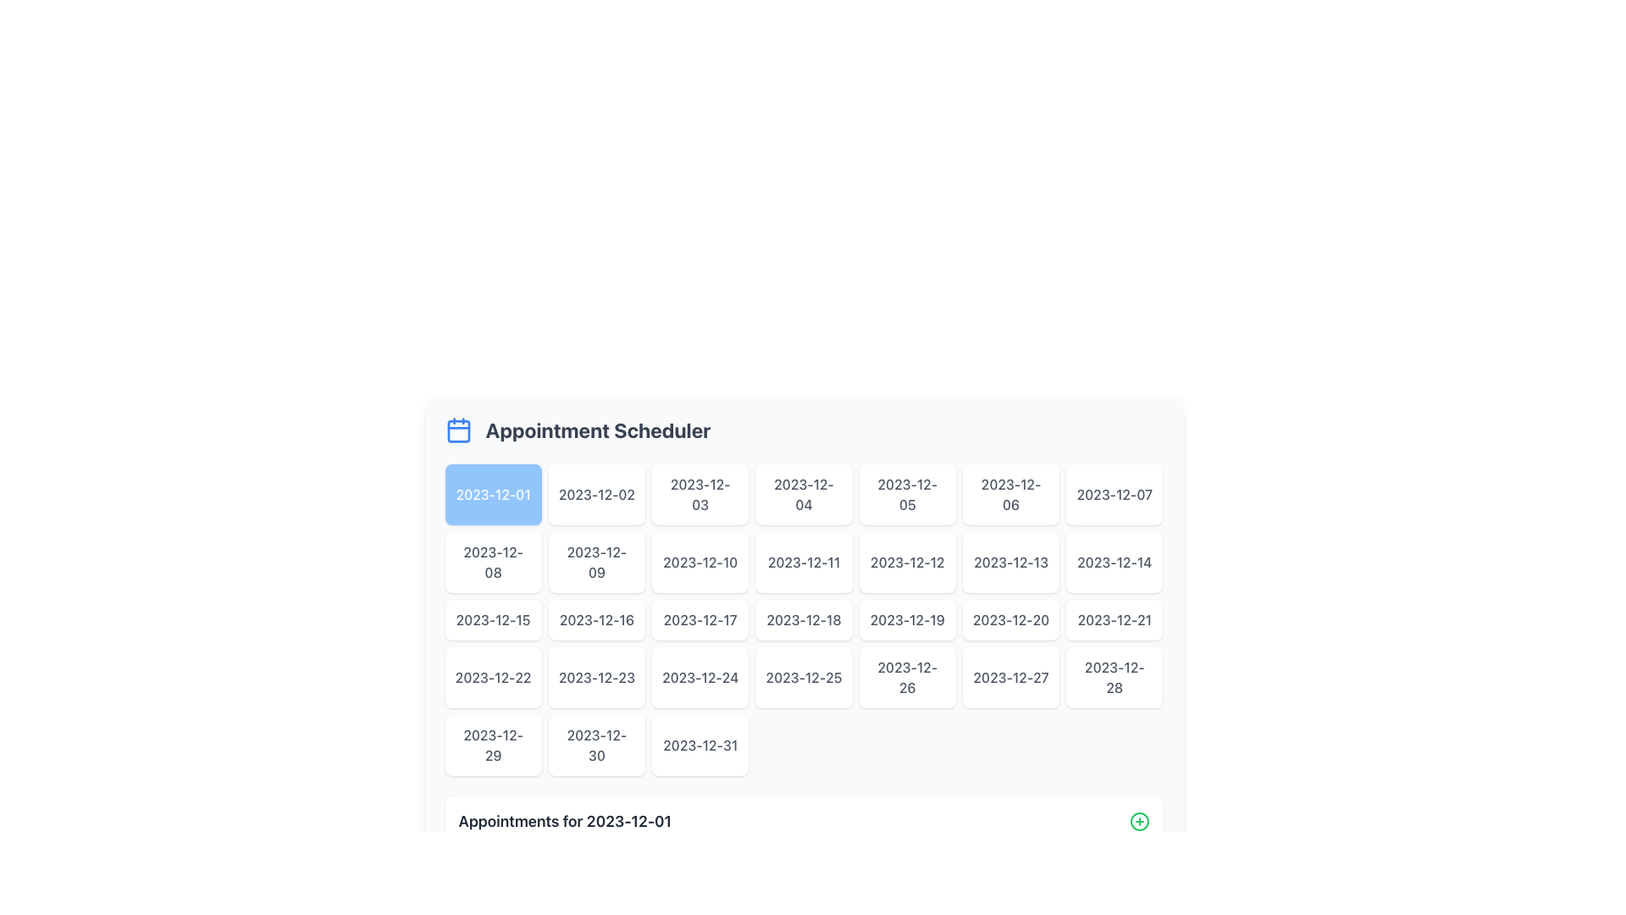 Image resolution: width=1626 pixels, height=915 pixels. Describe the element at coordinates (1011, 676) in the screenshot. I see `the button representing the date '2023-12-27' in the calendar interface` at that location.